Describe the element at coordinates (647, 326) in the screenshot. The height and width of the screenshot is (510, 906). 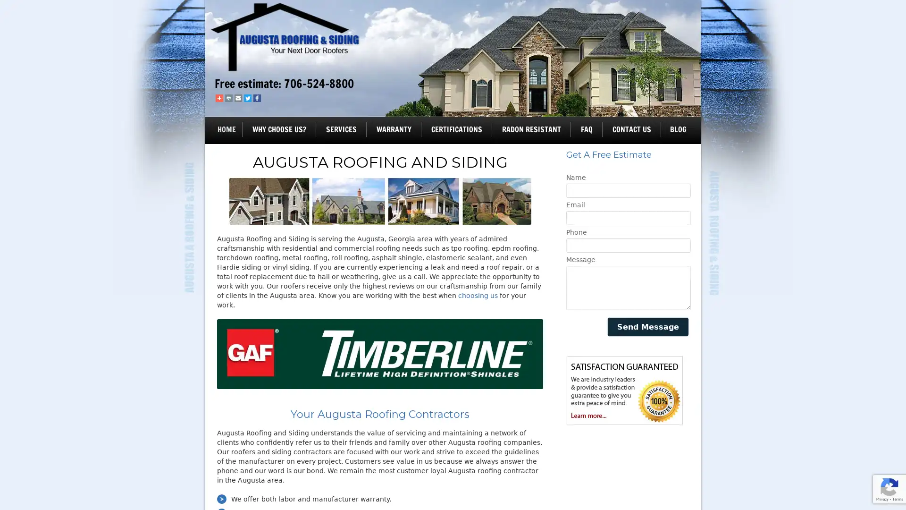
I see `Send Message` at that location.